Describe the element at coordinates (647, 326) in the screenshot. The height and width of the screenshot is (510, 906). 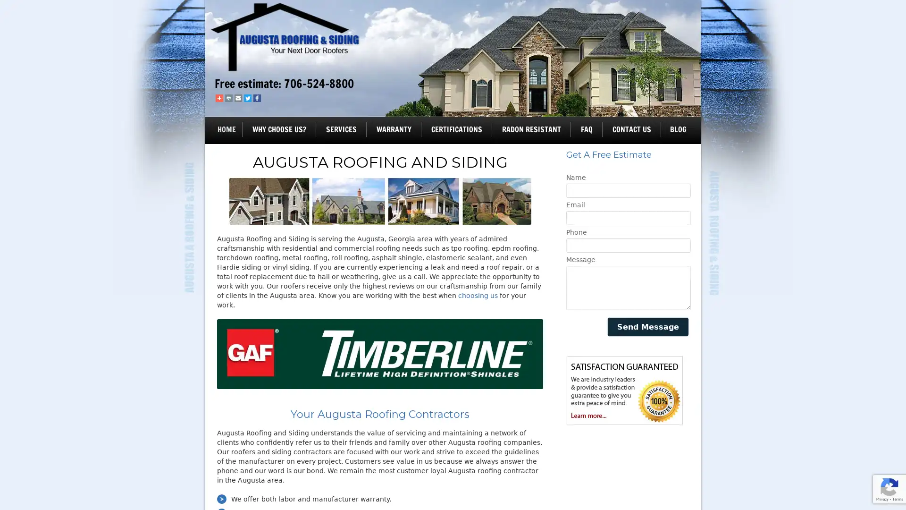
I see `Send Message` at that location.